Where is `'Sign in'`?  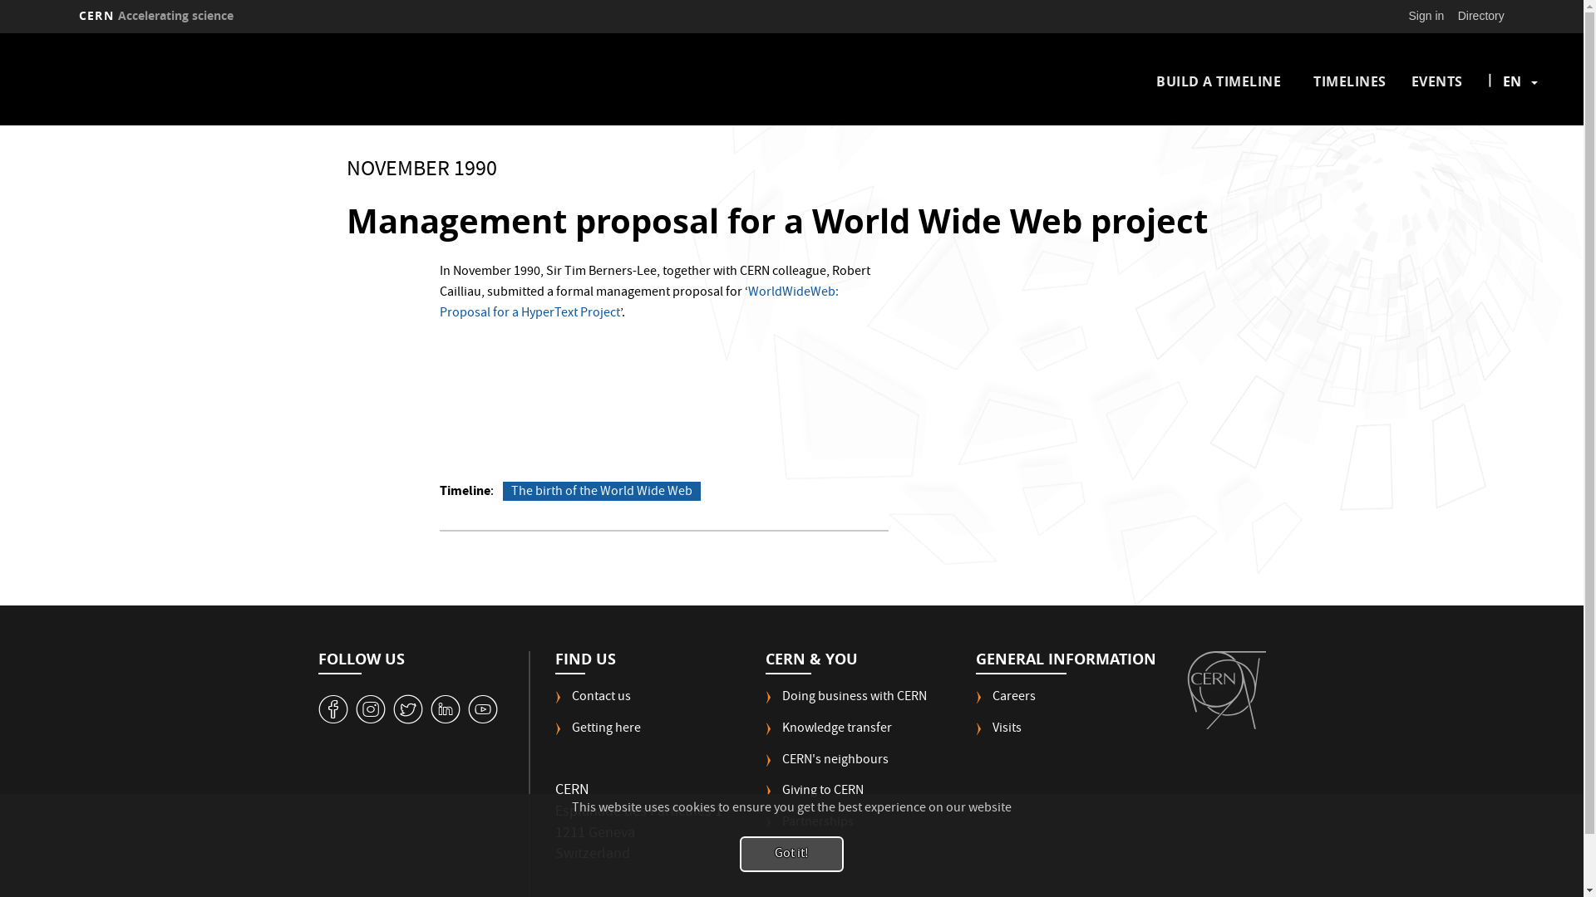
'Sign in' is located at coordinates (1426, 16).